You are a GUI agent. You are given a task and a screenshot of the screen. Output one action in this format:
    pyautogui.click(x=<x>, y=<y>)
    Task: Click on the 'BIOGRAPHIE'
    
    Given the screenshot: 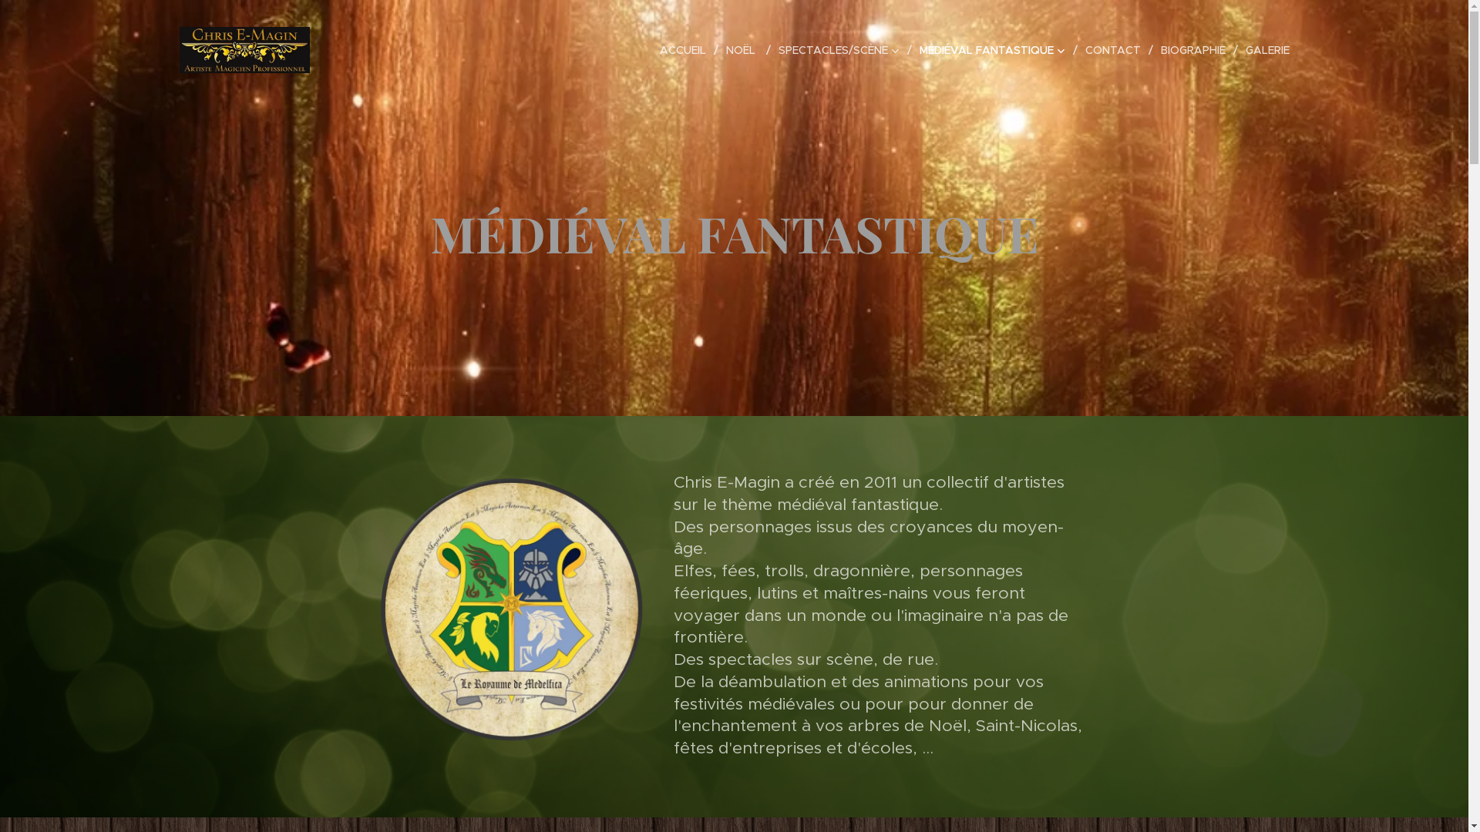 What is the action you would take?
    pyautogui.click(x=1194, y=49)
    